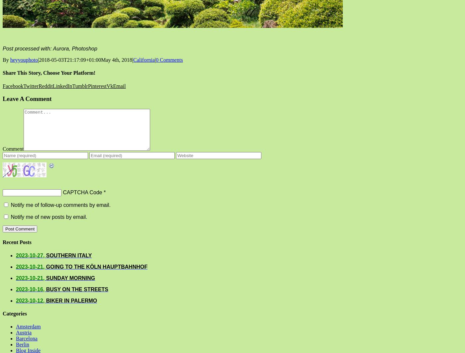 The height and width of the screenshot is (353, 465). I want to click on '2023-10-12,', so click(31, 300).